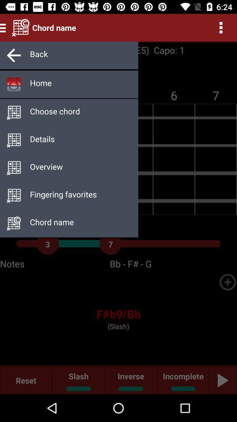 The image size is (237, 422). I want to click on option inverse which is at the bottom of the page, so click(130, 380).